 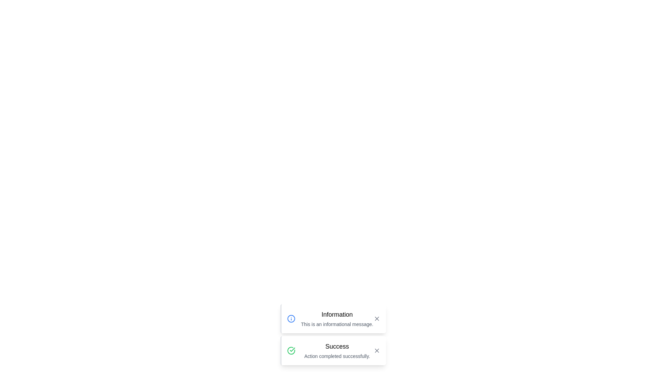 What do you see at coordinates (376, 319) in the screenshot?
I see `the close button of the snackbar with message 'InformationThis is an informational message.'` at bounding box center [376, 319].